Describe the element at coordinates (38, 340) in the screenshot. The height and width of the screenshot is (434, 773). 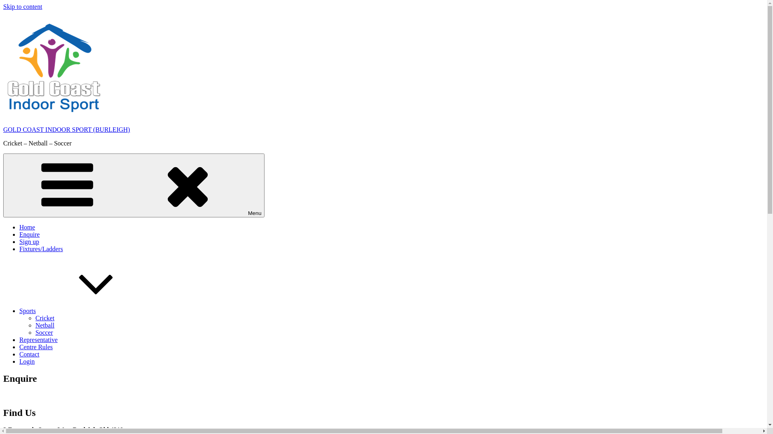
I see `'Representative'` at that location.